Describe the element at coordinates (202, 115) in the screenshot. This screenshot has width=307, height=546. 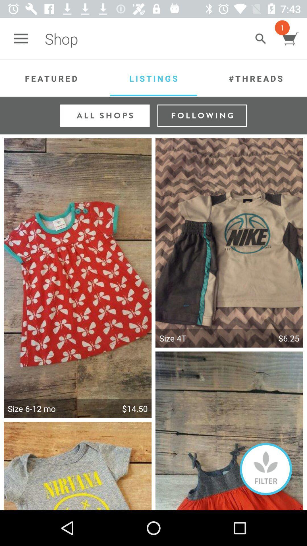
I see `the item next to the all shops icon` at that location.